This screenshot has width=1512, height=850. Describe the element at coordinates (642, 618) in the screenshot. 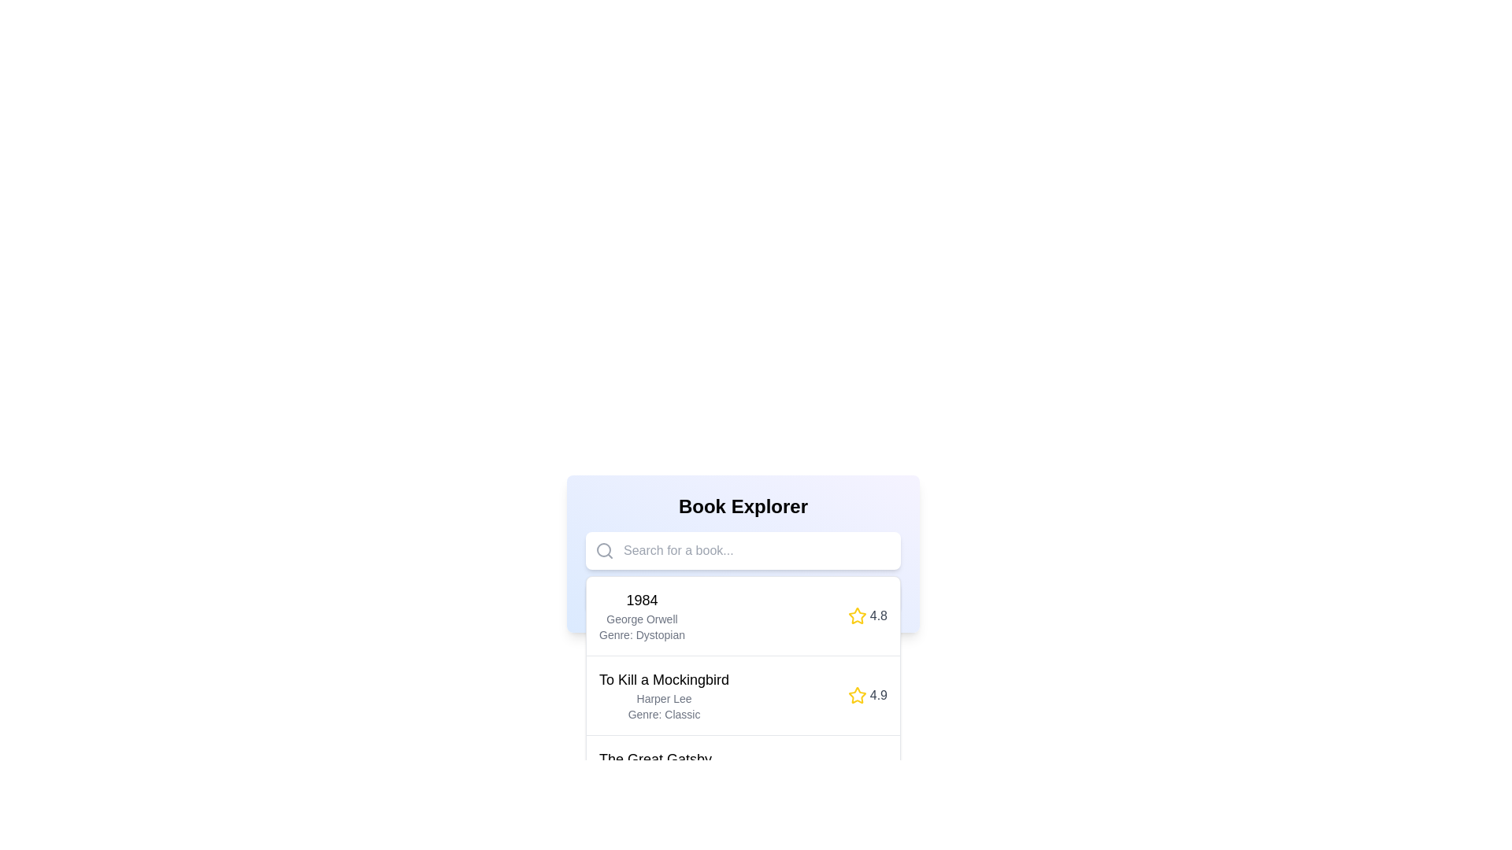

I see `text label displaying 'George Orwell', which is positioned below the title '1984' and above the genre information 'Genre: Dystopian'` at that location.